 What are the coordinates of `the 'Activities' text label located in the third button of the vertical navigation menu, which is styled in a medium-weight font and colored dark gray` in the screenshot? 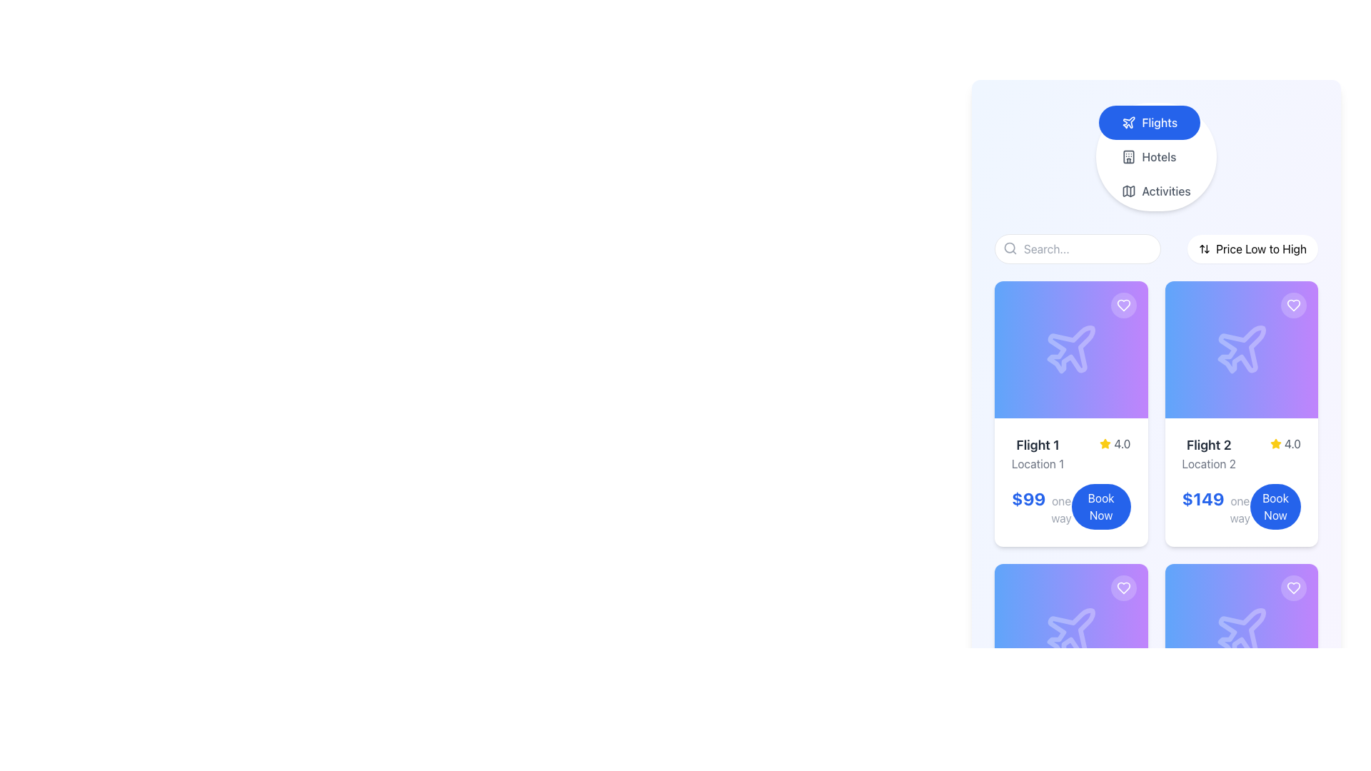 It's located at (1166, 190).